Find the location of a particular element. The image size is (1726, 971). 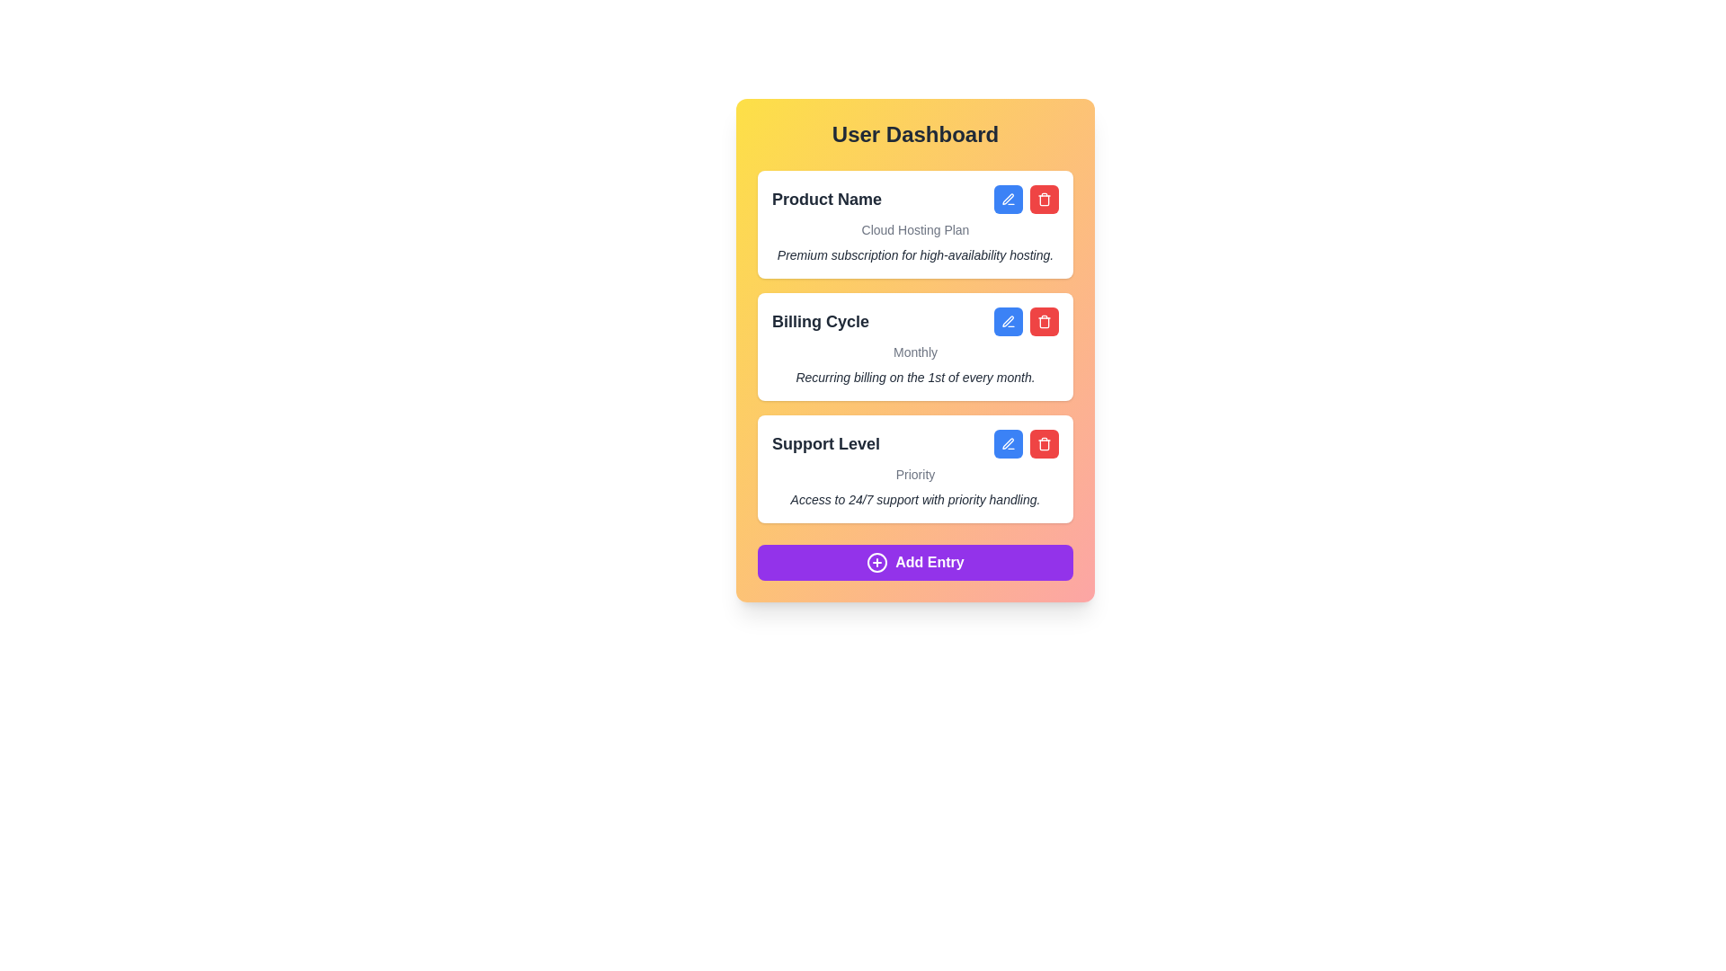

the pen icon button located to the right of the 'Billing Cycle' label to initiate editing the associated data is located at coordinates (1008, 320).